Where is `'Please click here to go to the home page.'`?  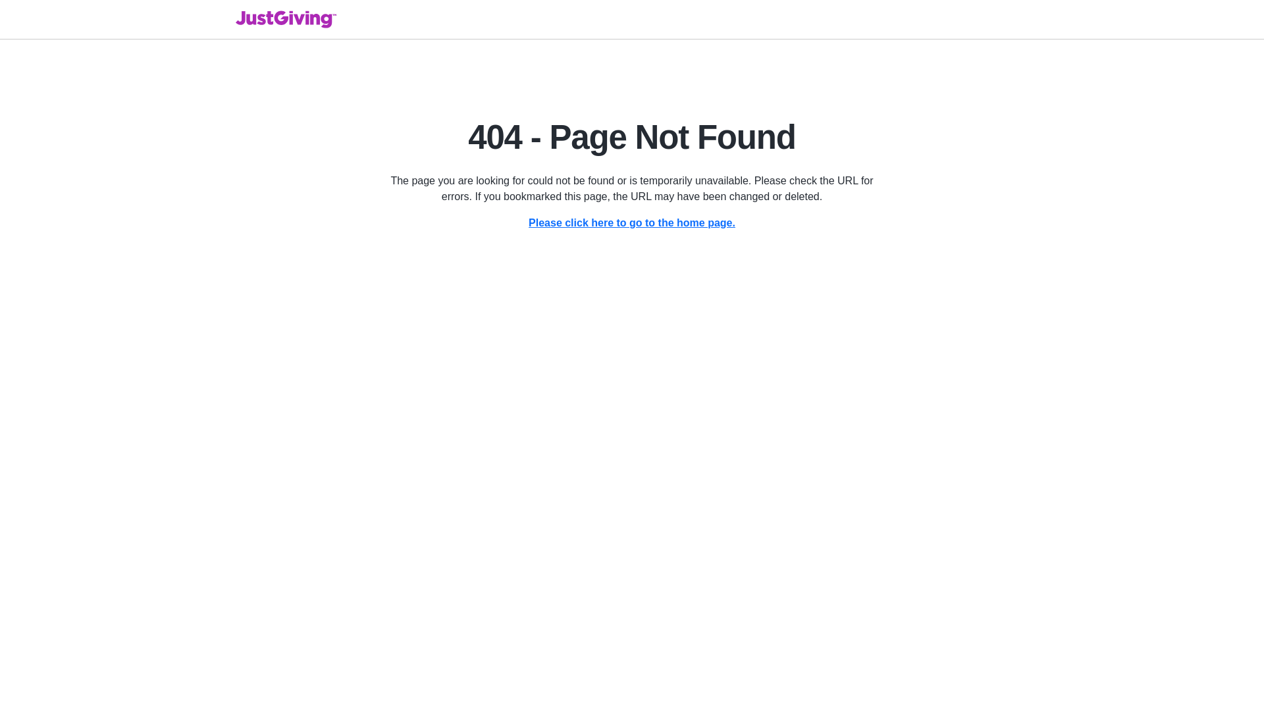 'Please click here to go to the home page.' is located at coordinates (632, 222).